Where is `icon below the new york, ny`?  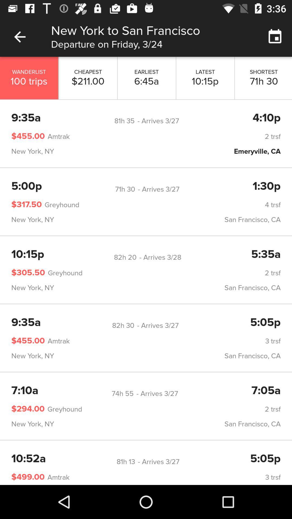 icon below the new york, ny is located at coordinates (125, 257).